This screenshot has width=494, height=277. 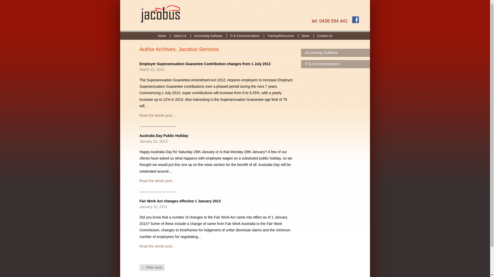 I want to click on 'IT & Communications', so click(x=226, y=35).